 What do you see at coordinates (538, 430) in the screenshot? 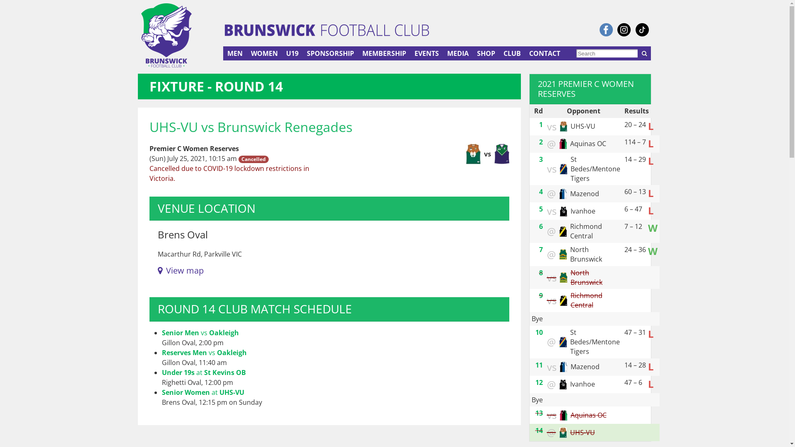
I see `'14'` at bounding box center [538, 430].